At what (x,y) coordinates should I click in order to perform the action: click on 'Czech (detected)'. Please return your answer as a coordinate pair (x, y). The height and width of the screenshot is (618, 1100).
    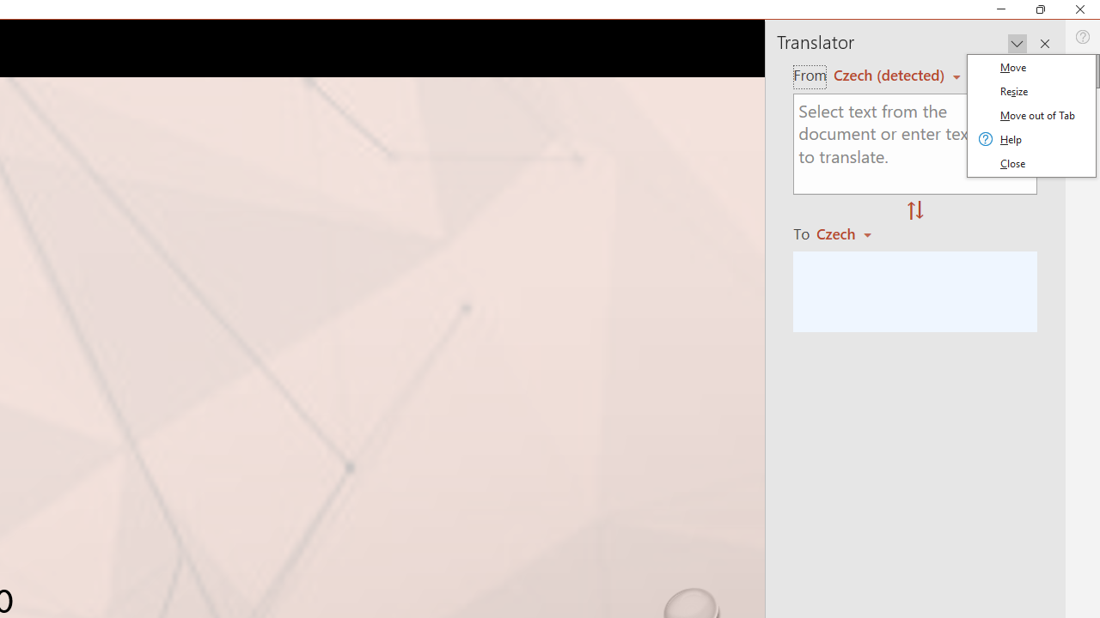
    Looking at the image, I should click on (891, 74).